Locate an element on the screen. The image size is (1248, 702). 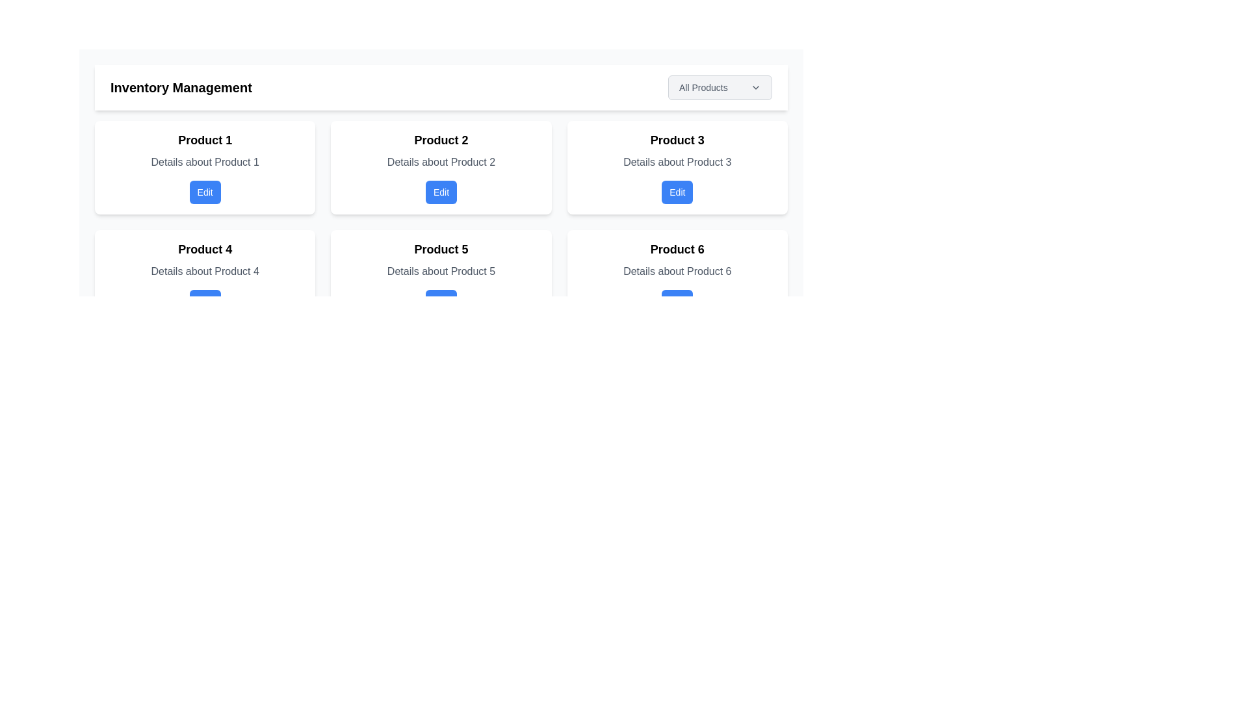
the button that allows the user to edit the details of 'Product 5', located beneath the text 'Details about Product 5' within the second row and second column of the grid is located at coordinates (441, 301).